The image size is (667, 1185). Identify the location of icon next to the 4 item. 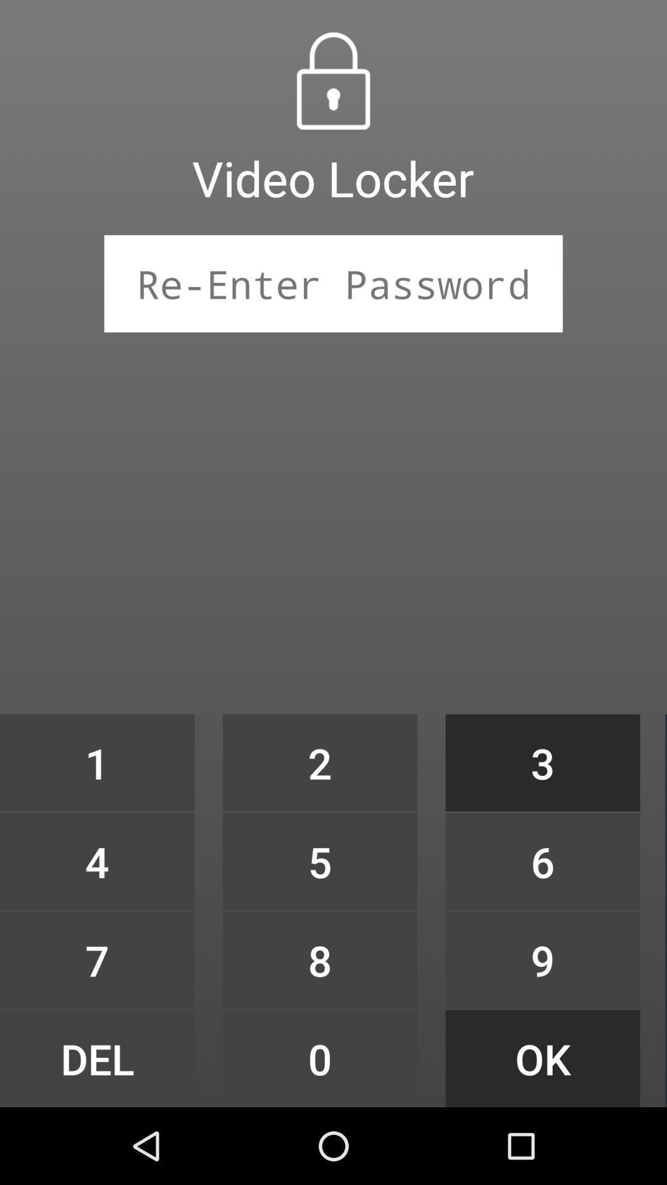
(319, 959).